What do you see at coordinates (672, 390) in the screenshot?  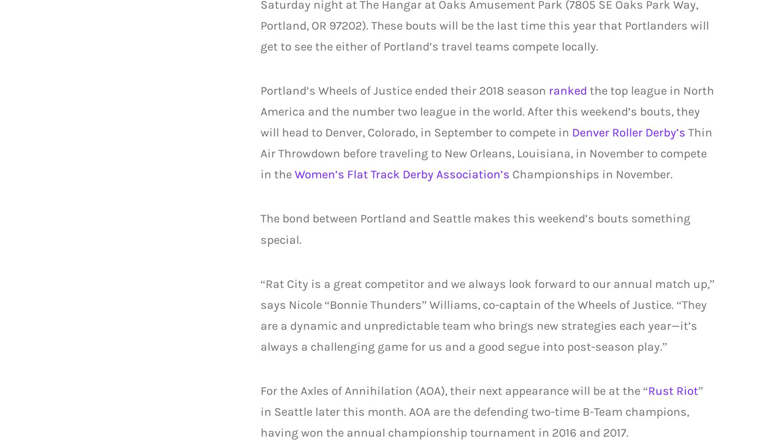 I see `'Rust Riot'` at bounding box center [672, 390].